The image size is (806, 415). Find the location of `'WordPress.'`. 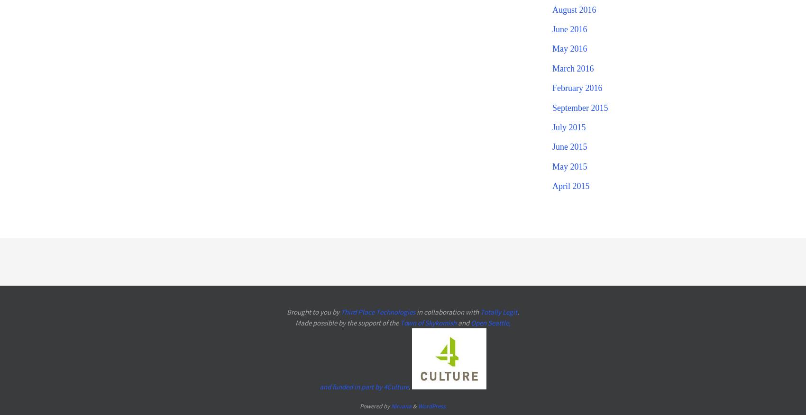

'WordPress.' is located at coordinates (432, 406).